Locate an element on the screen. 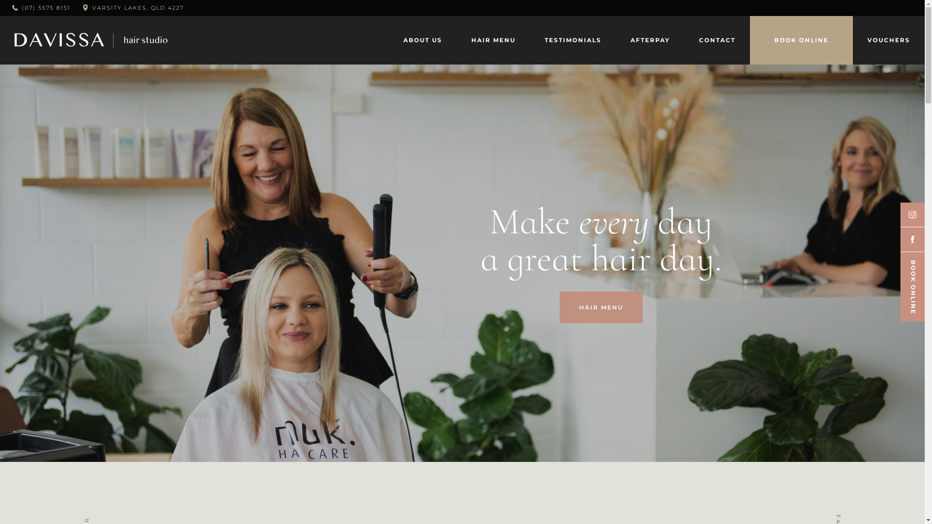 This screenshot has width=932, height=524. 'TESTIMONIALS' is located at coordinates (573, 40).